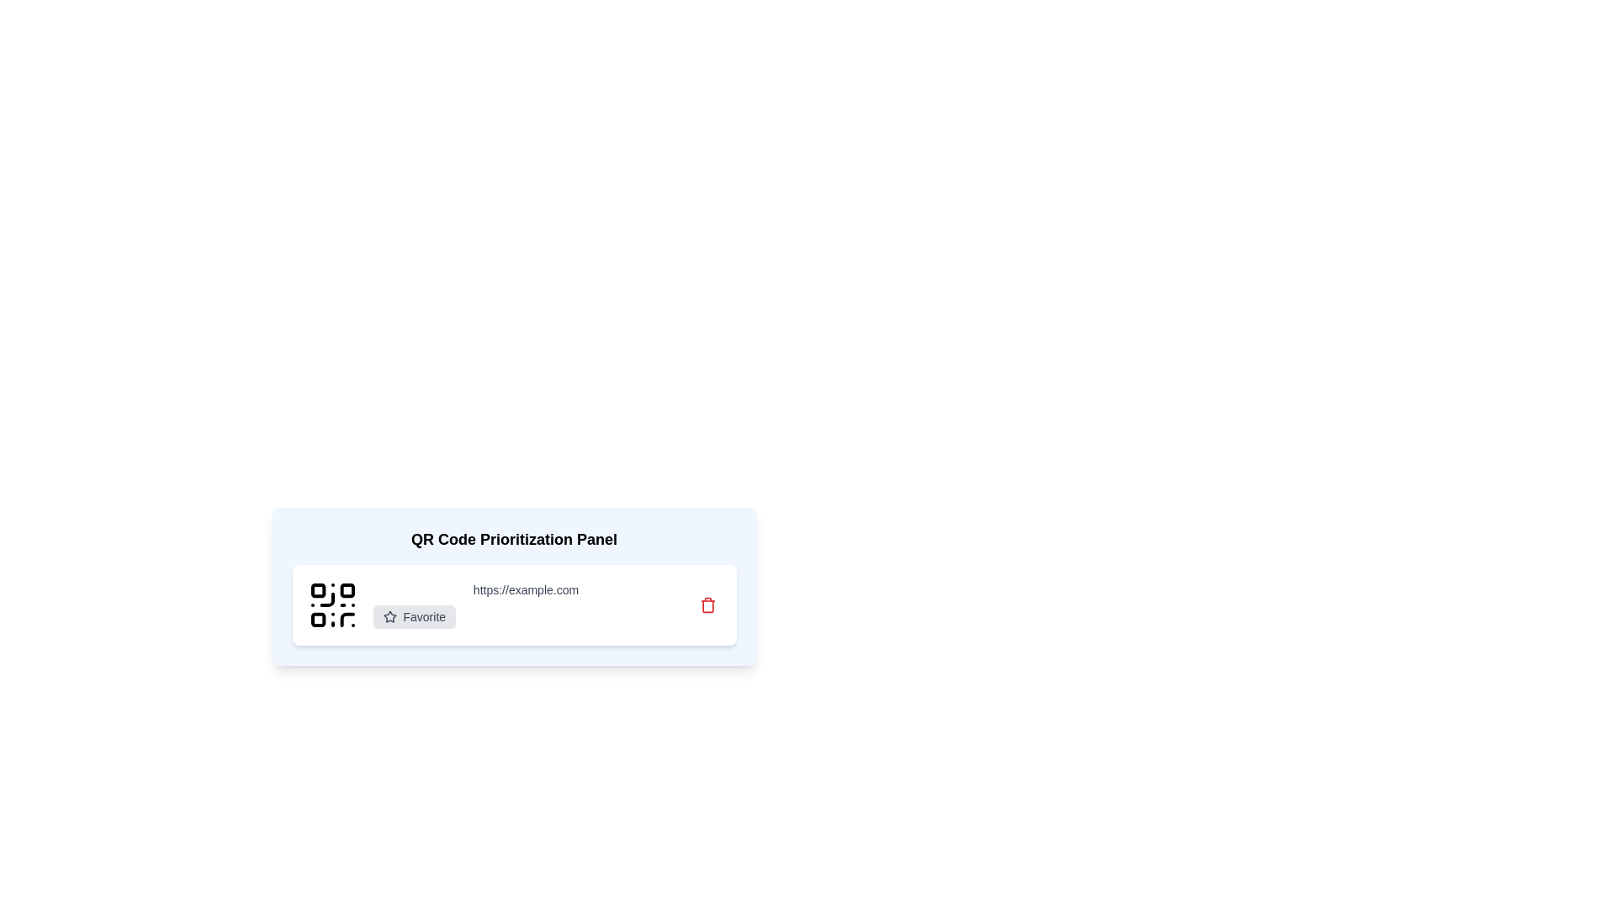 Image resolution: width=1615 pixels, height=908 pixels. What do you see at coordinates (346, 589) in the screenshot?
I see `the second square in the top row of the QR code layout within the 'QR Code Prioritization Panel.'` at bounding box center [346, 589].